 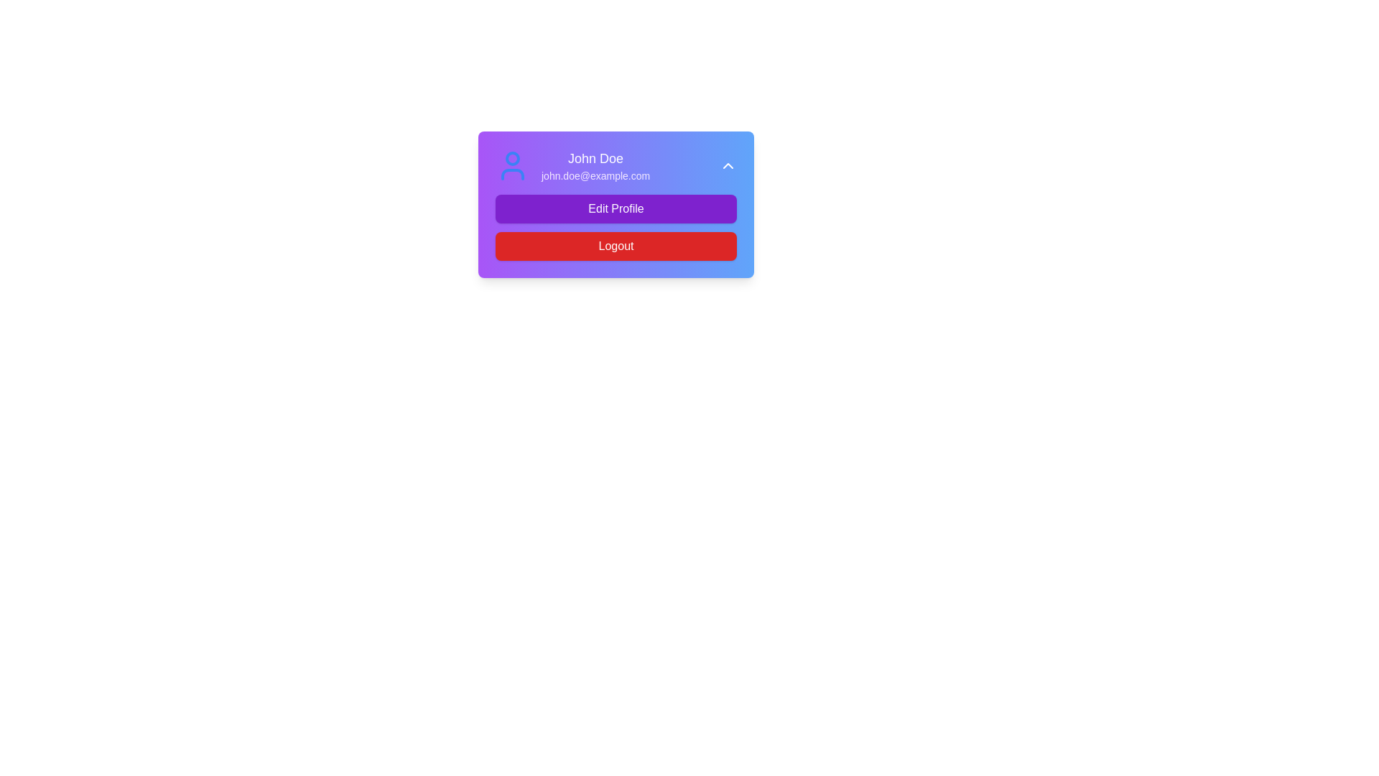 What do you see at coordinates (595, 165) in the screenshot?
I see `text content displayed in the profile card, which includes the name 'John Doe' and the email address 'john.doe@example.com'` at bounding box center [595, 165].